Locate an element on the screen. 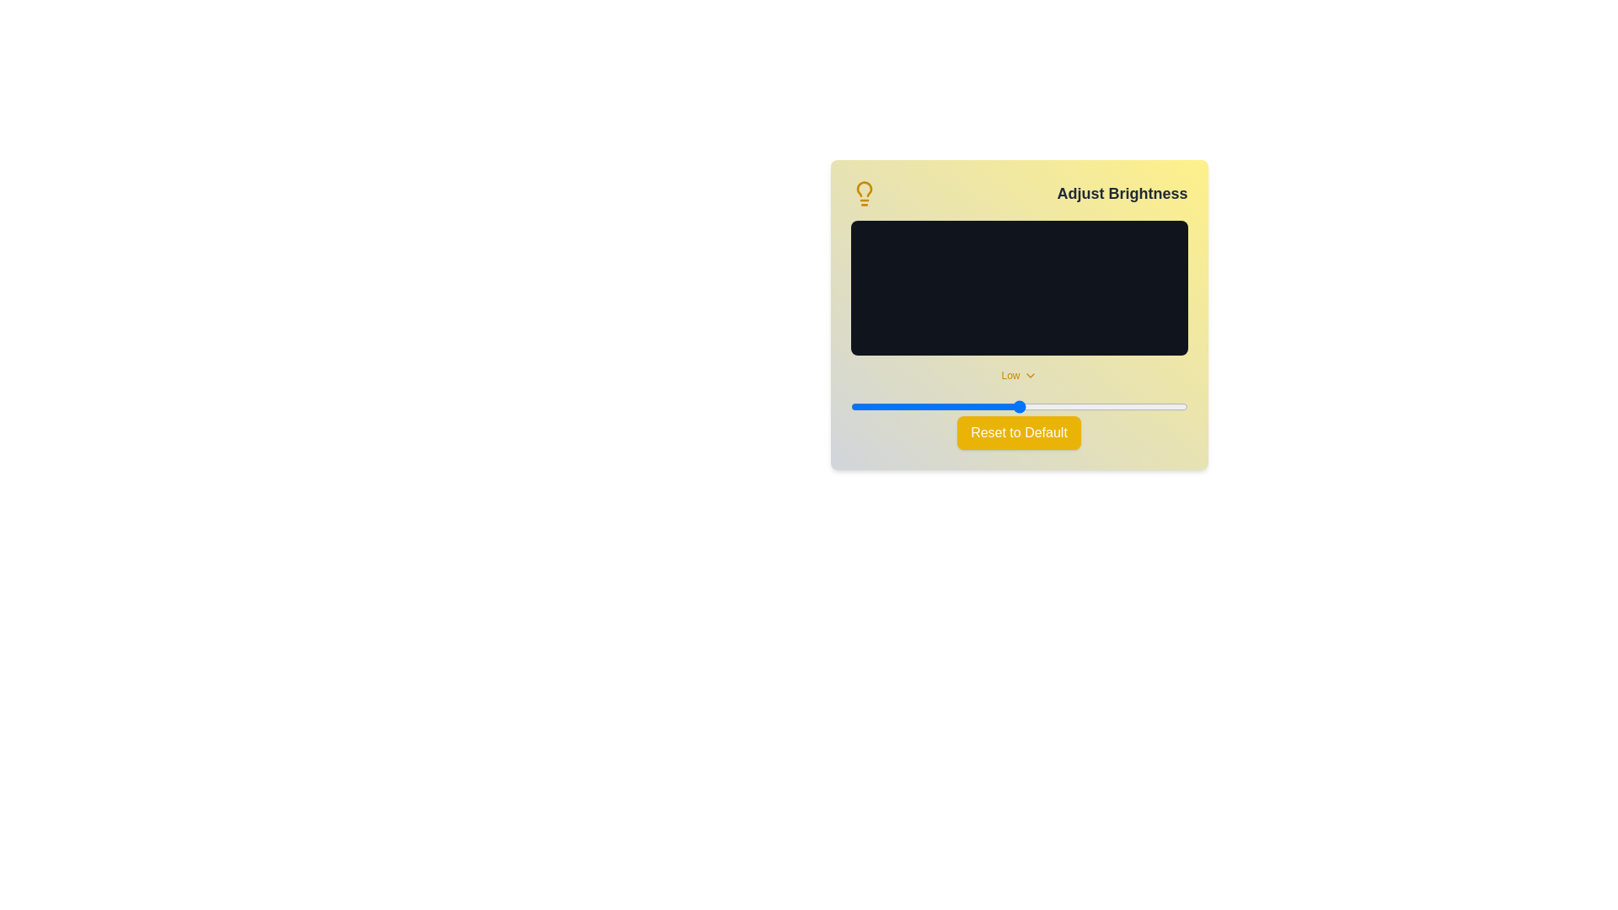 The width and height of the screenshot is (1618, 910). the brightness slider to 12 percent is located at coordinates (890, 406).